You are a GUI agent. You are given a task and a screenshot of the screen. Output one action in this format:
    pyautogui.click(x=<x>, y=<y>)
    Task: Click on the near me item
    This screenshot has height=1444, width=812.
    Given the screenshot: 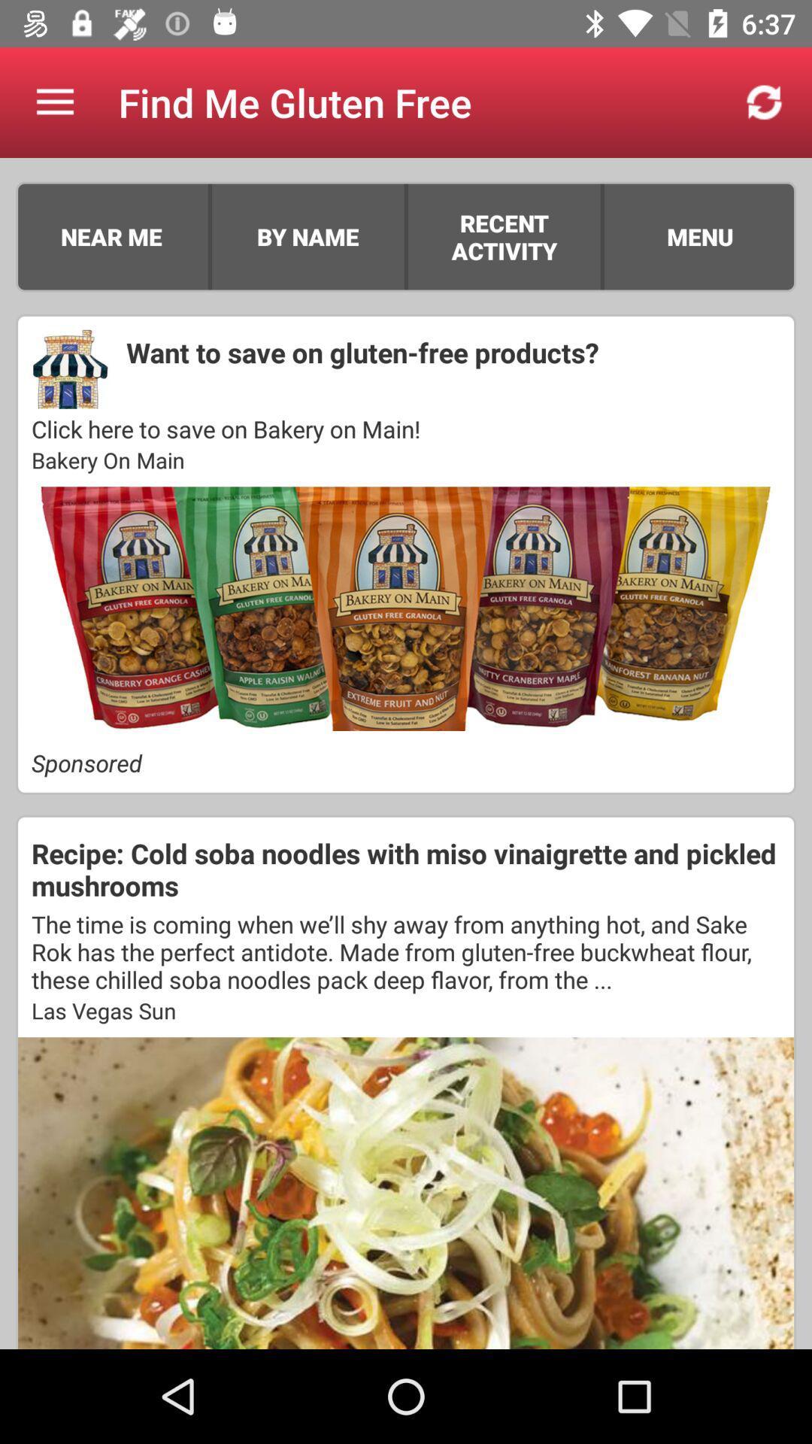 What is the action you would take?
    pyautogui.click(x=111, y=236)
    